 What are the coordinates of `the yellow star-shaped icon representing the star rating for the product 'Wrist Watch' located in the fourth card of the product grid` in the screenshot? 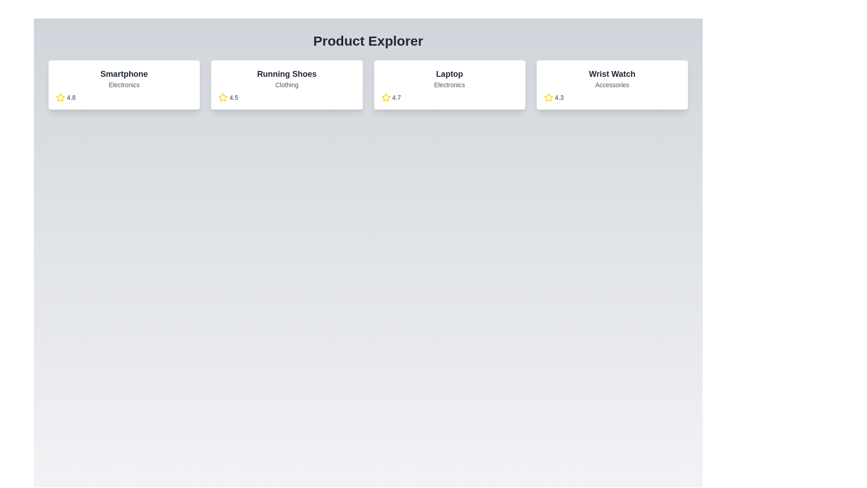 It's located at (548, 98).